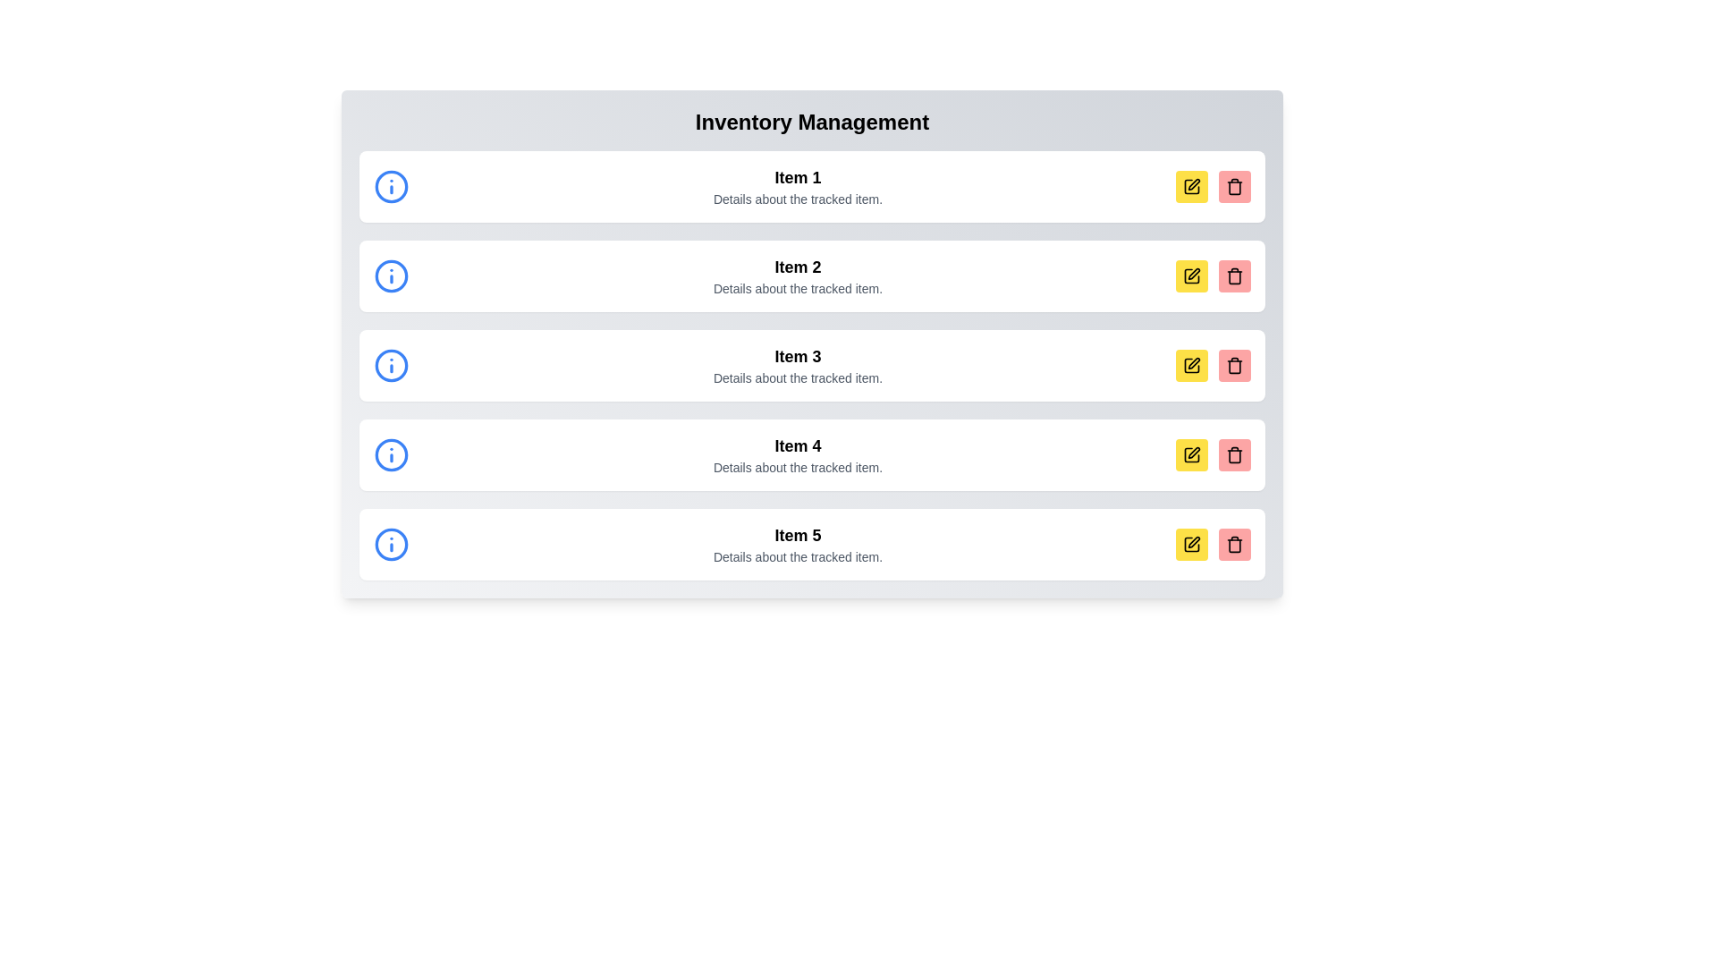 The image size is (1717, 966). What do you see at coordinates (1234, 544) in the screenshot?
I see `the delete button located at the rightmost end of the row associated with 'Item 5', which is the second button from the right following a yellow button with a pencil icon` at bounding box center [1234, 544].